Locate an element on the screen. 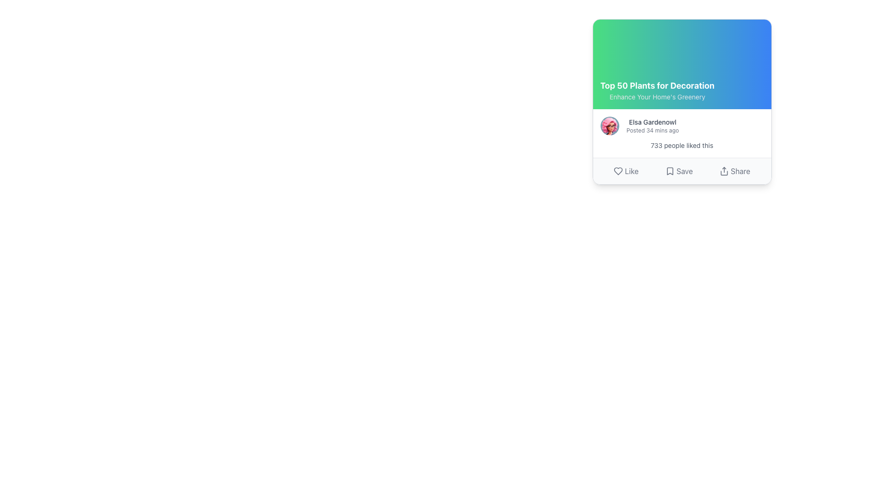 The width and height of the screenshot is (896, 504). prominent bold text that says 'Top 50 Plants for Decoration' displayed at the top of the card-like interface with a gradient green-to-blue background is located at coordinates (657, 86).